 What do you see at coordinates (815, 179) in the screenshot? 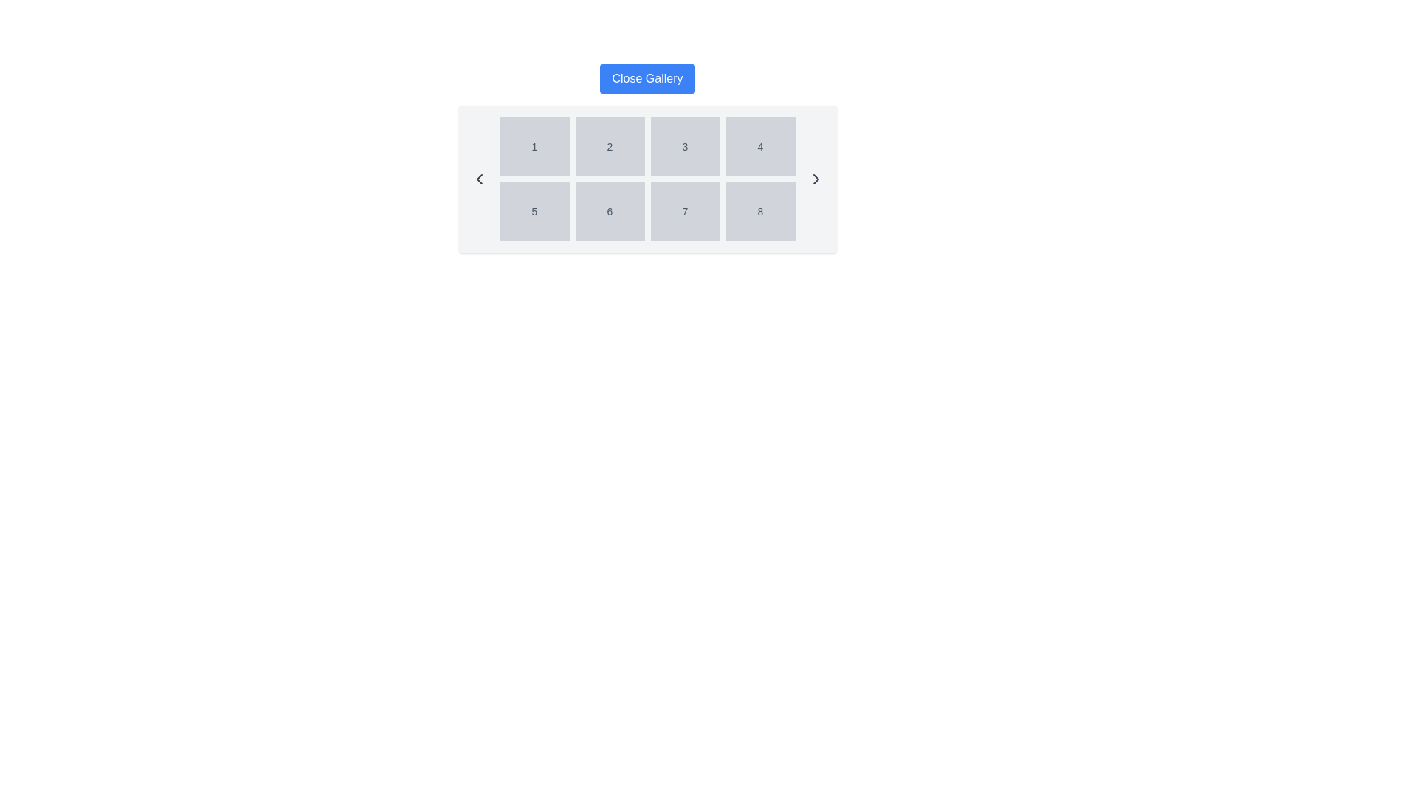
I see `the right-pointing chevron icon button, which is positioned to the right of a gallery grid` at bounding box center [815, 179].